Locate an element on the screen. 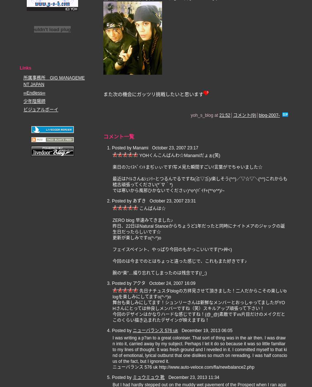 This screenshot has height=387, width=312. '今回のデザインはかなりハードな感じですね！(@_@)素敵ですvv片目だけのメイクだとこのくらい描き込まれたデザインが映えますね！' is located at coordinates (198, 317).